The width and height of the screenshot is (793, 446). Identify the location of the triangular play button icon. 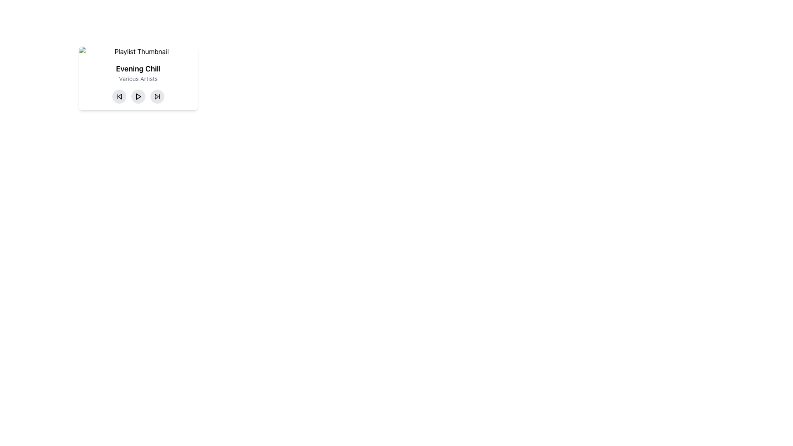
(138, 96).